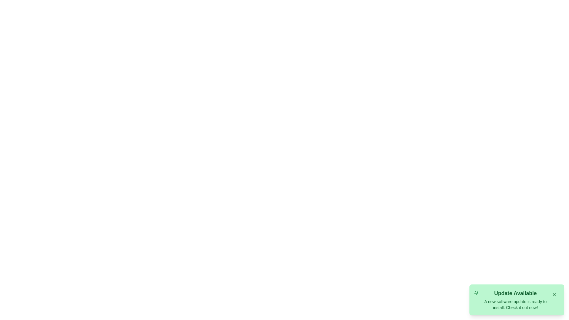 The width and height of the screenshot is (569, 320). Describe the element at coordinates (554, 295) in the screenshot. I see `the green cross button in the top-right corner of the light green notification card` at that location.